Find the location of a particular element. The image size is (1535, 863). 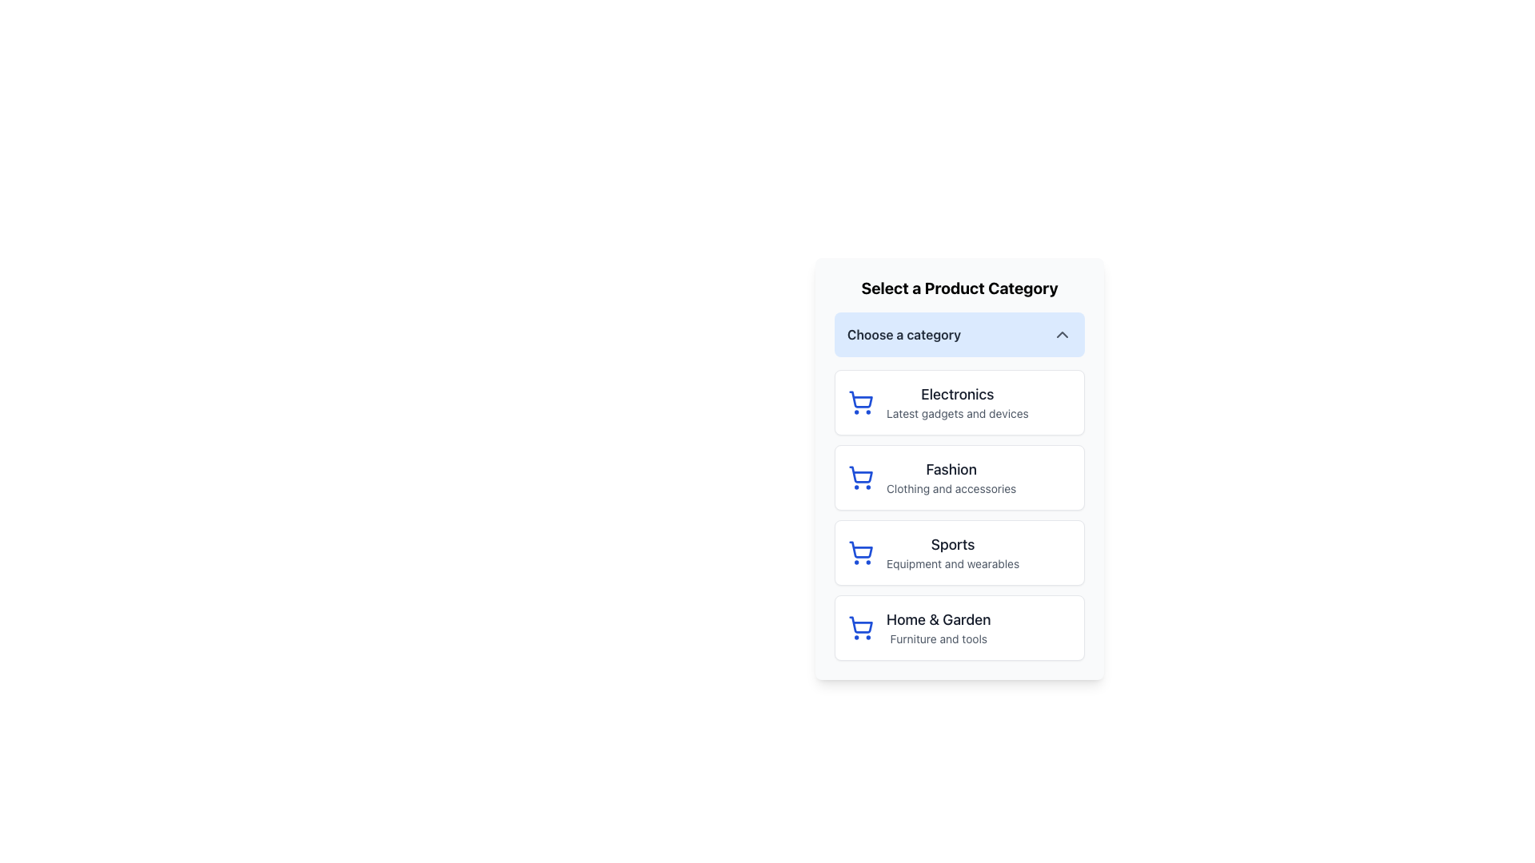

the shopping cart icon, which is a blue line drawing located to the left of the text within the 'Sports Equipment and wearables' card, the first icon in a horizontal layout is located at coordinates (859, 551).